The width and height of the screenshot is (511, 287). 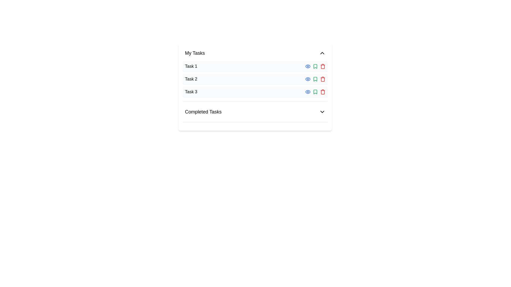 I want to click on the bookmark icon in the third row of the task list interface, located in the right-hand column beside the blue eye icon and left to the red trash can icon, so click(x=315, y=92).